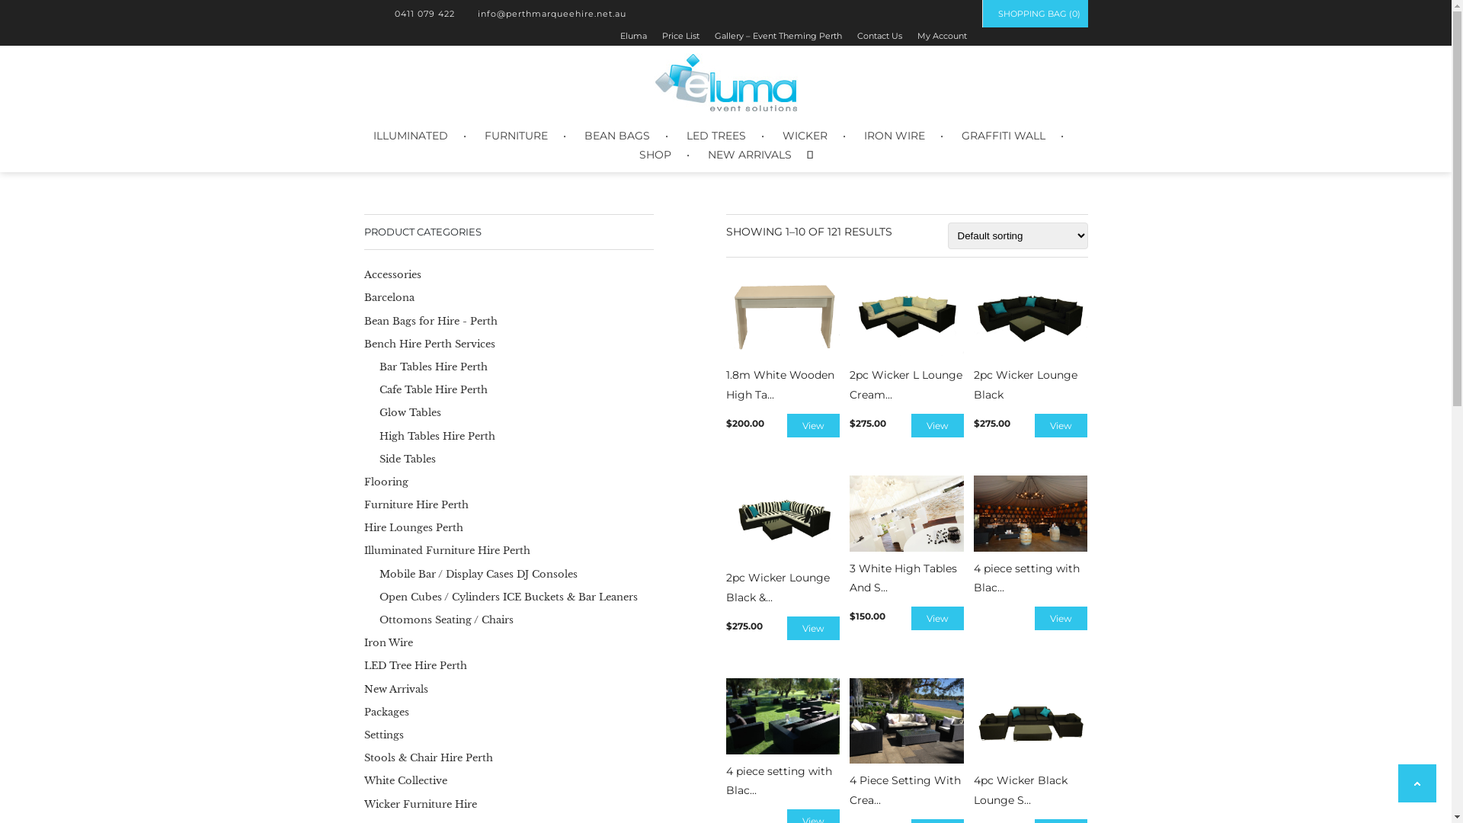 The image size is (1463, 823). Describe the element at coordinates (392, 274) in the screenshot. I see `'Accessories'` at that location.